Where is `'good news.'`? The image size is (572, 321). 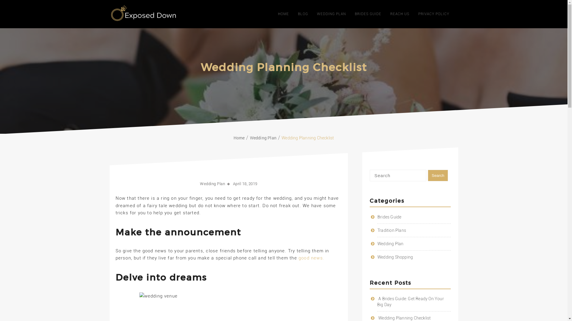 'good news.' is located at coordinates (311, 257).